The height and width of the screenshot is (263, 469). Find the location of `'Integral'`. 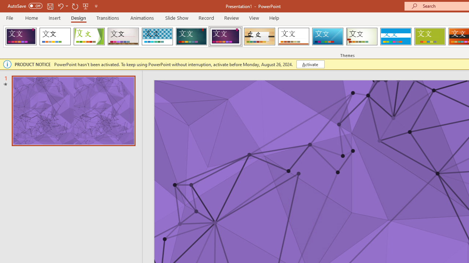

'Integral' is located at coordinates (157, 37).